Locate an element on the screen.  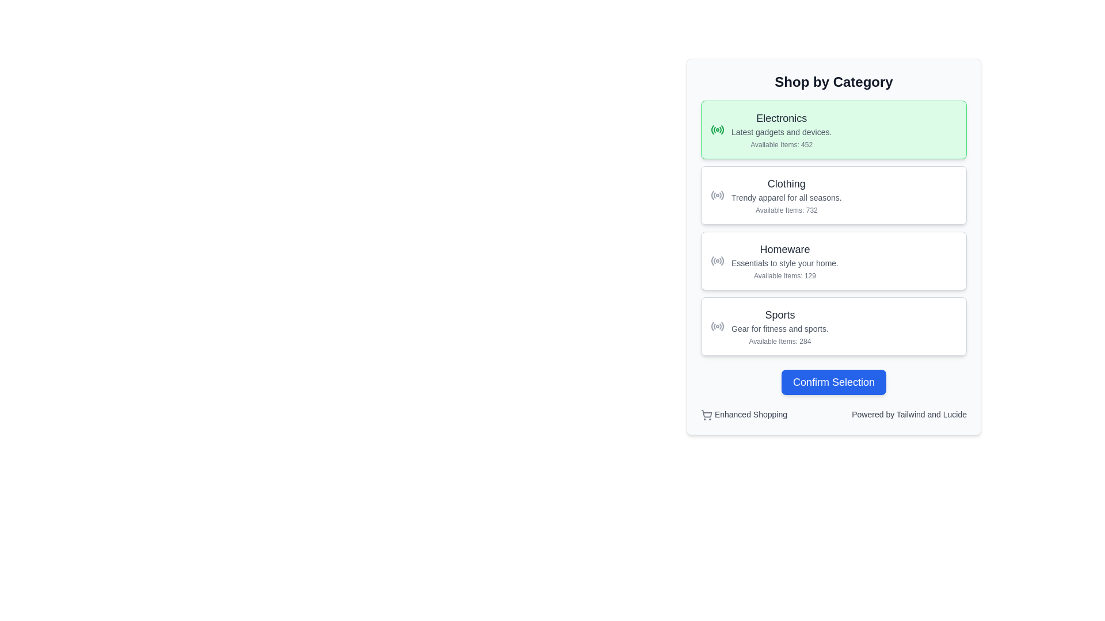
static text description that says 'Gear for fitness and sports.' located in the fourth card of the category list, positioned below the heading 'Sports' and above the subtext 'Available Items: 284' is located at coordinates (780, 328).